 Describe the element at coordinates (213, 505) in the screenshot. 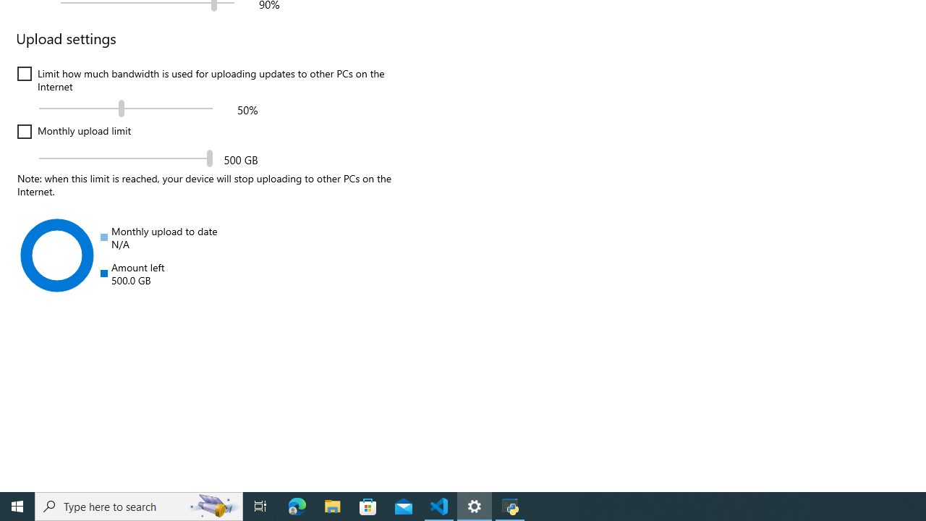

I see `'Search highlights icon opens search home window'` at that location.